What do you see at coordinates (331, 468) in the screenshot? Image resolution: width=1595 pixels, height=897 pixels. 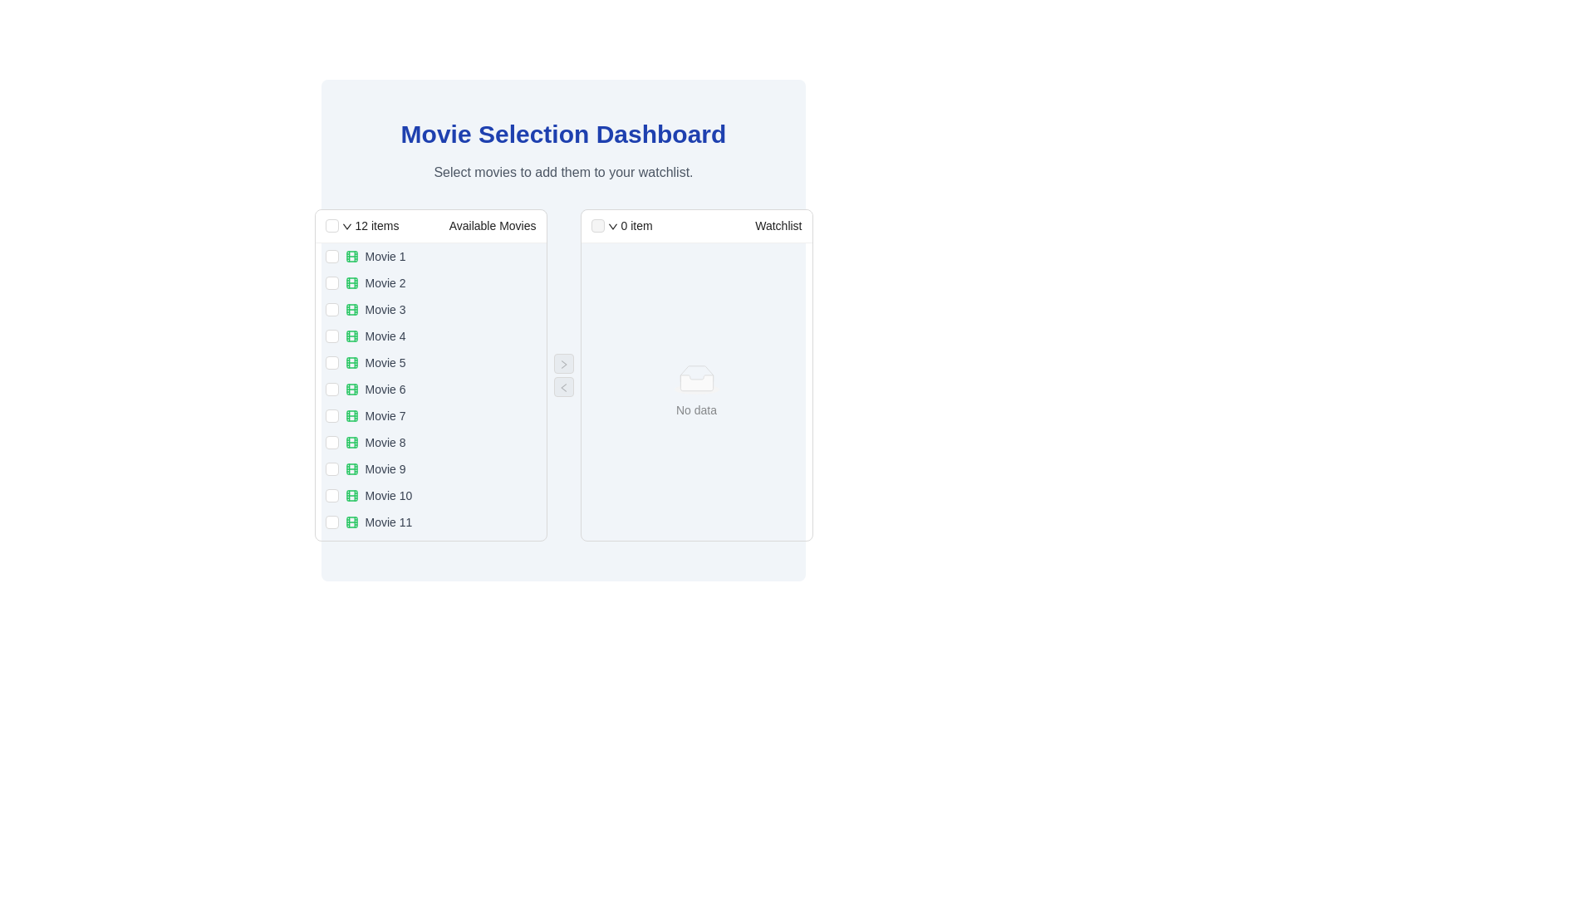 I see `the checkbox for 'Movie 9'` at bounding box center [331, 468].